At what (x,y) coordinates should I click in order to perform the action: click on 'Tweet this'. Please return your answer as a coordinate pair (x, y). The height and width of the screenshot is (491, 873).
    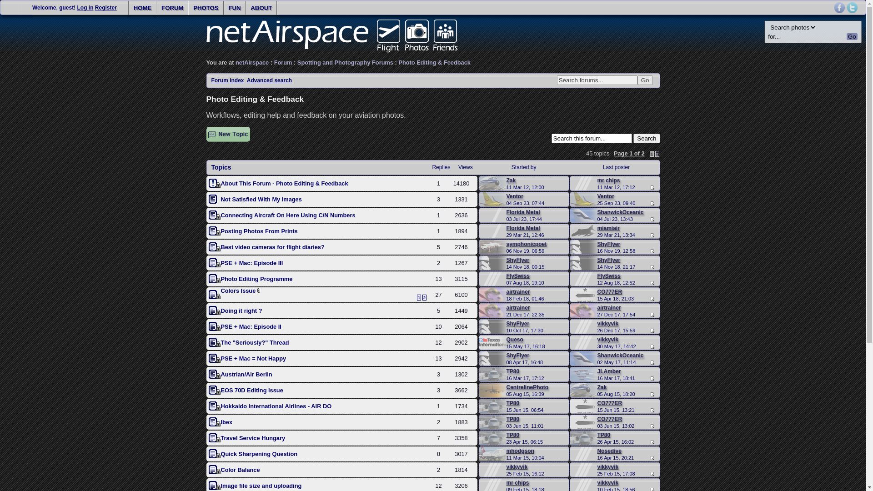
    Looking at the image, I should click on (851, 7).